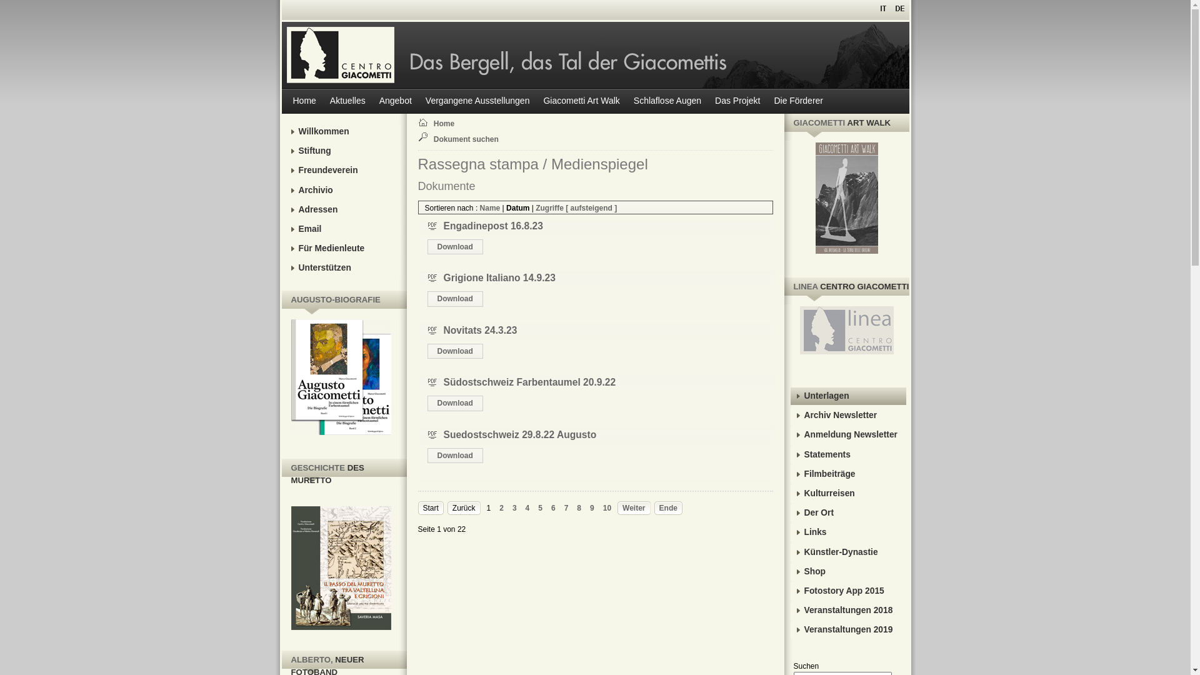 The image size is (1200, 675). Describe the element at coordinates (342, 171) in the screenshot. I see `'Freundeverein'` at that location.